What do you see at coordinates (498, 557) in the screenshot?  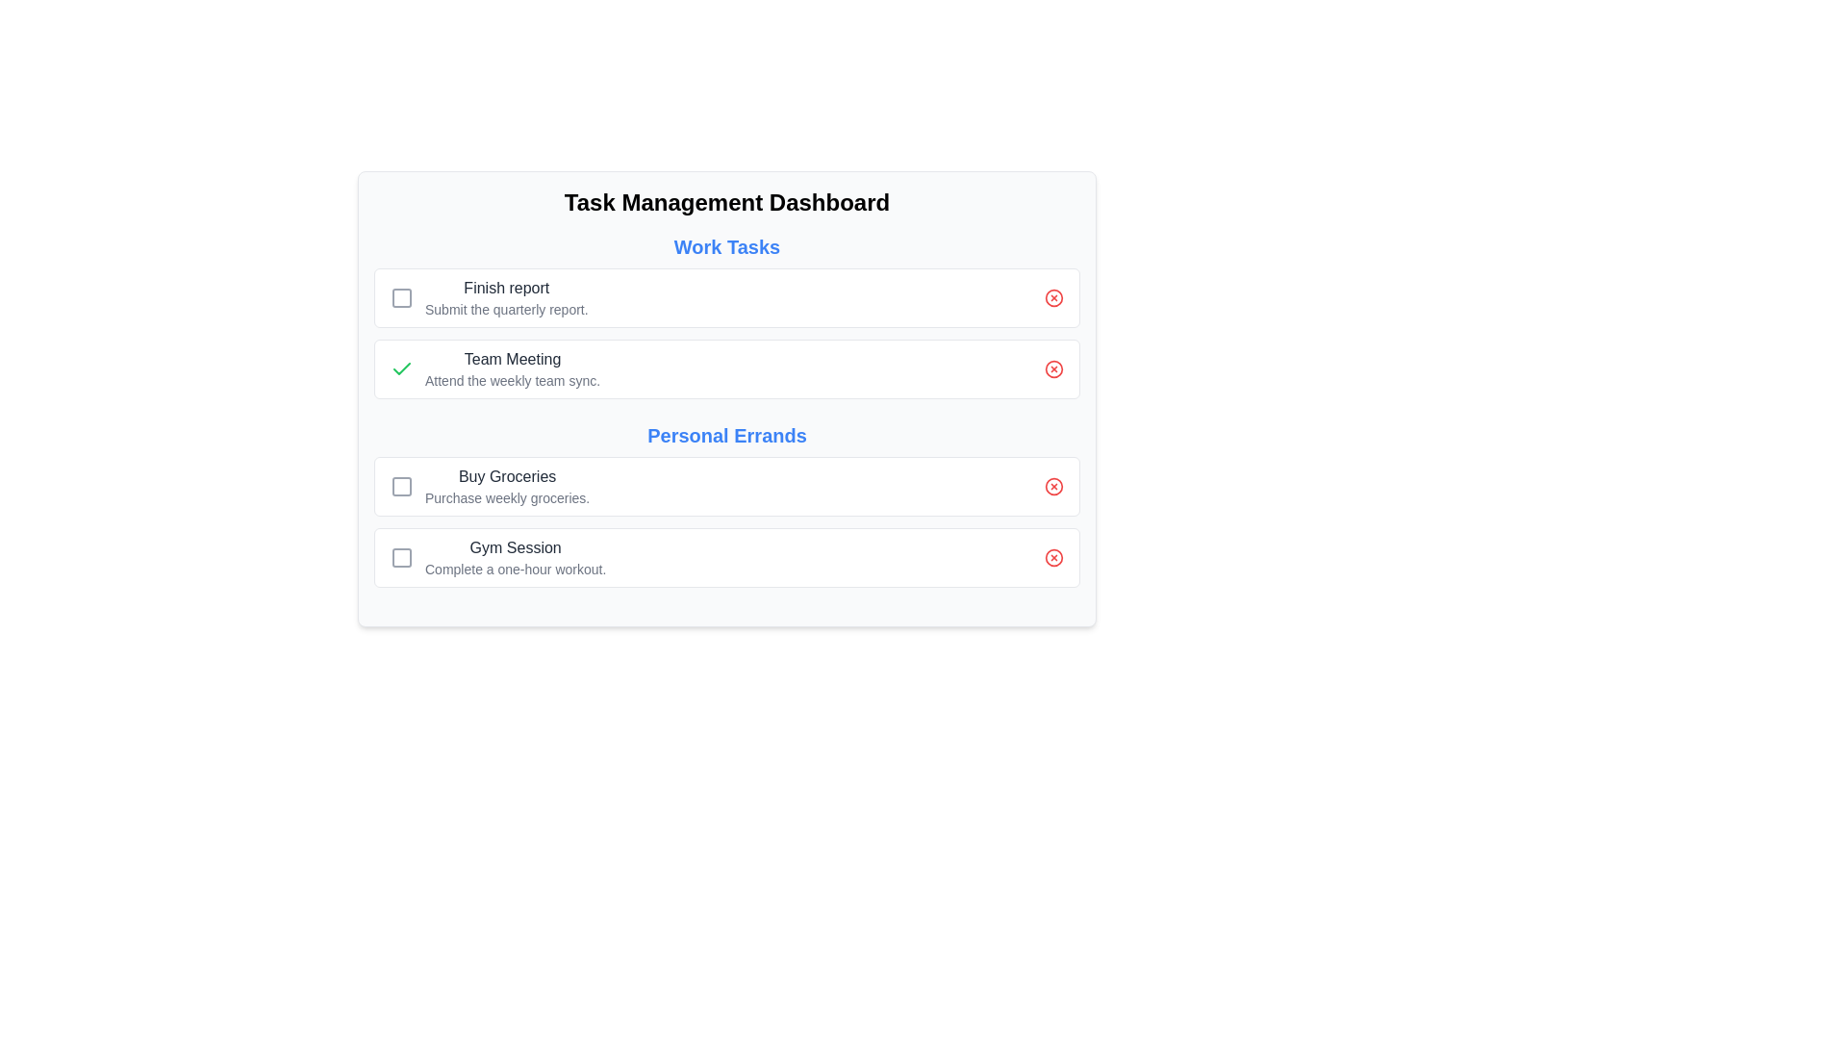 I see `the checkbox next to the 'Gym Session' task descriptor to mark the task as complete` at bounding box center [498, 557].